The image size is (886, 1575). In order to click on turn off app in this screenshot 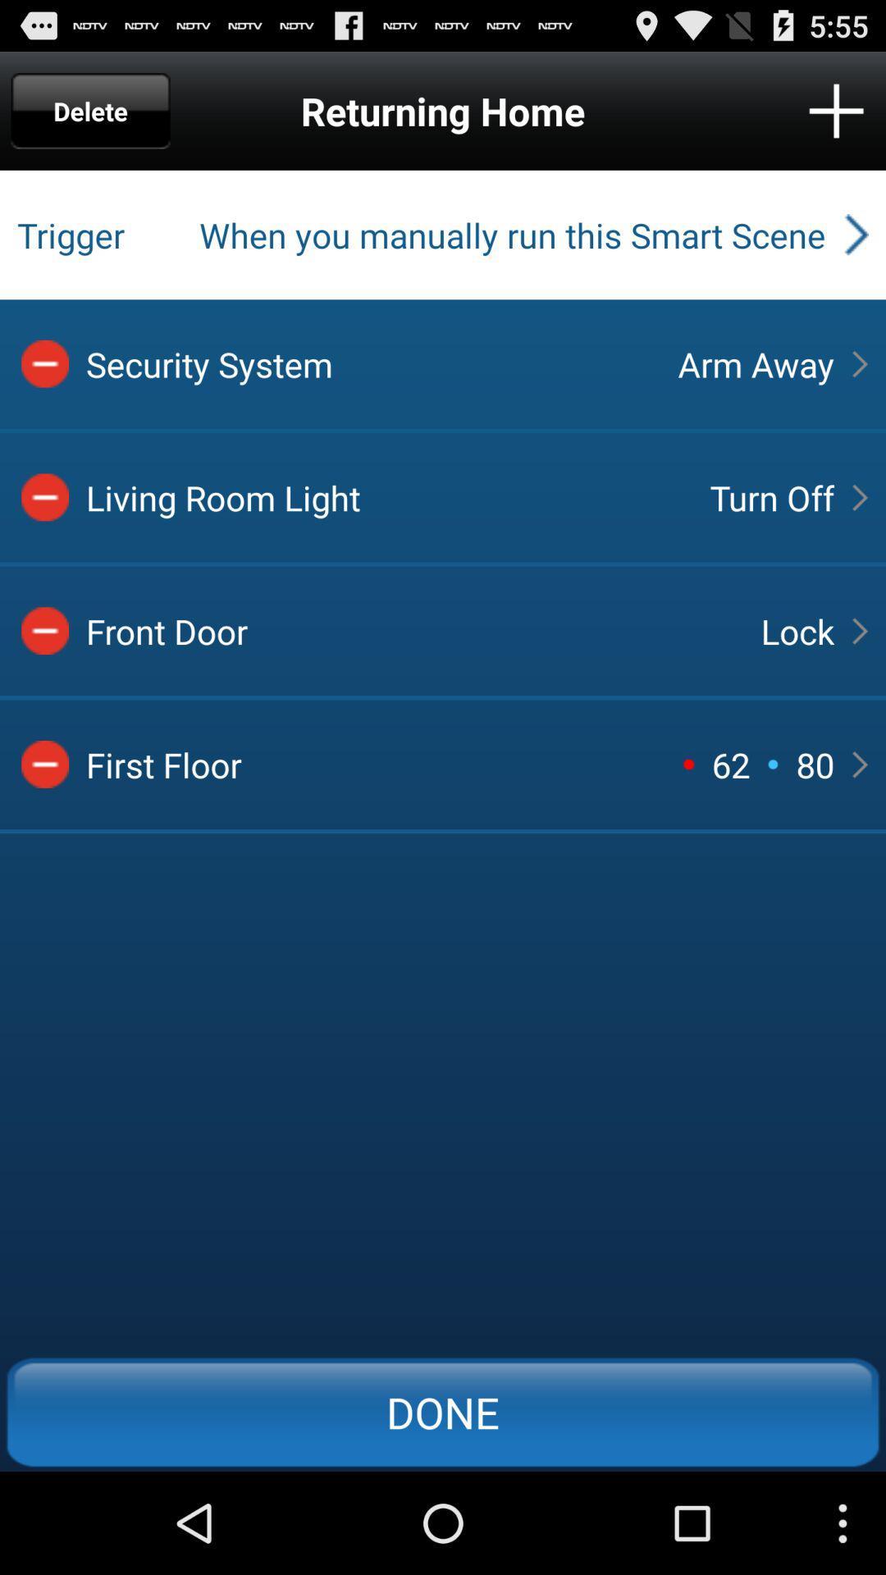, I will do `click(772, 496)`.